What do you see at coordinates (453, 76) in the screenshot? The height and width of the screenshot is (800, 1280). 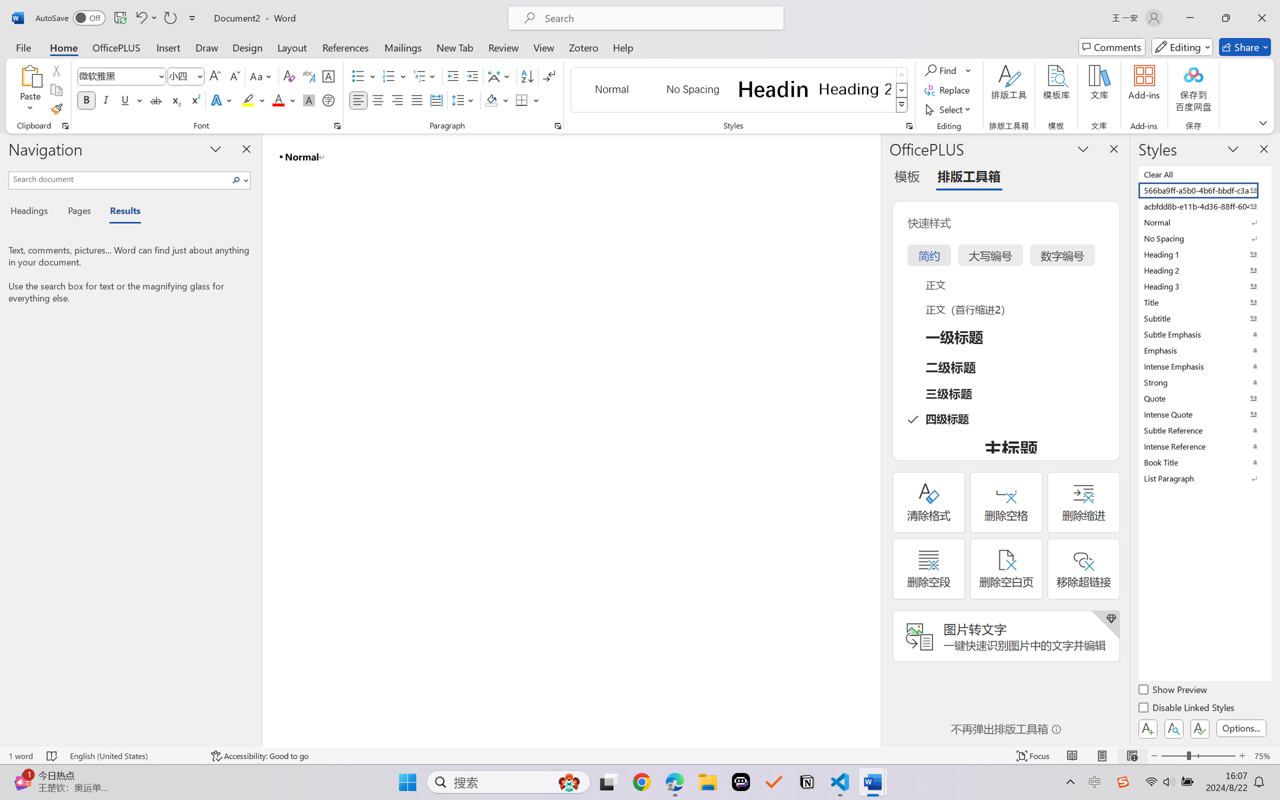 I see `'Decrease Indent'` at bounding box center [453, 76].